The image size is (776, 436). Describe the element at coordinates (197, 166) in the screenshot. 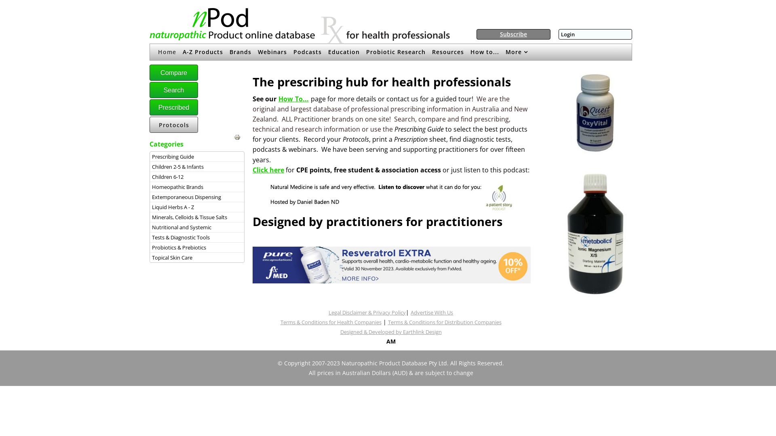

I see `'Children 2-5 & Infants'` at that location.